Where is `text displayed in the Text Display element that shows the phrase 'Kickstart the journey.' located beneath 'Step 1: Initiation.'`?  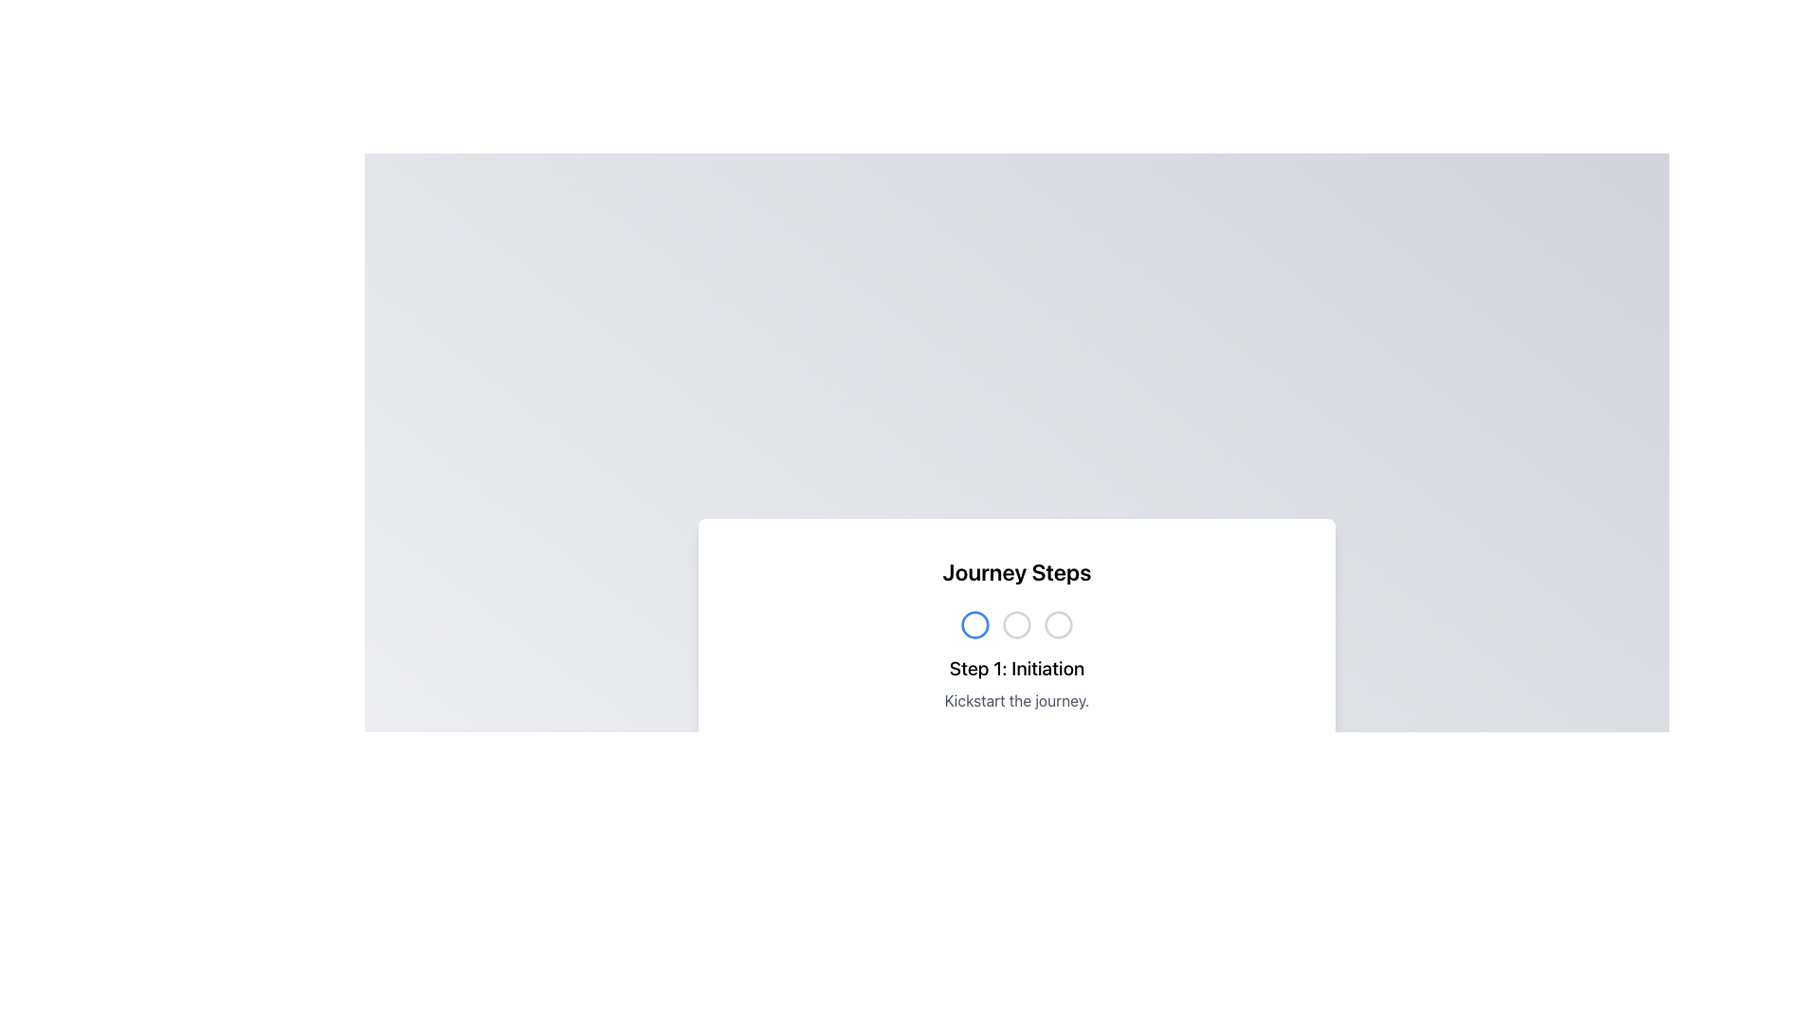
text displayed in the Text Display element that shows the phrase 'Kickstart the journey.' located beneath 'Step 1: Initiation.' is located at coordinates (1016, 701).